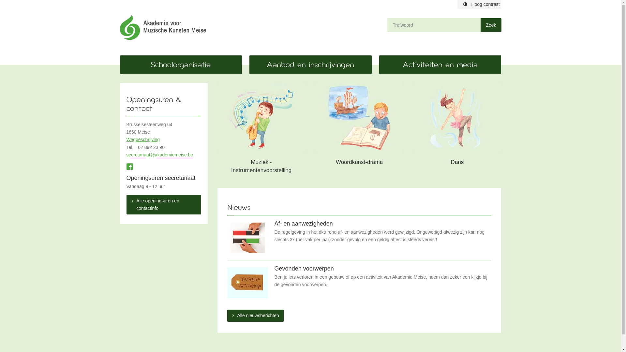  What do you see at coordinates (181, 65) in the screenshot?
I see `'Schoolorganisatie'` at bounding box center [181, 65].